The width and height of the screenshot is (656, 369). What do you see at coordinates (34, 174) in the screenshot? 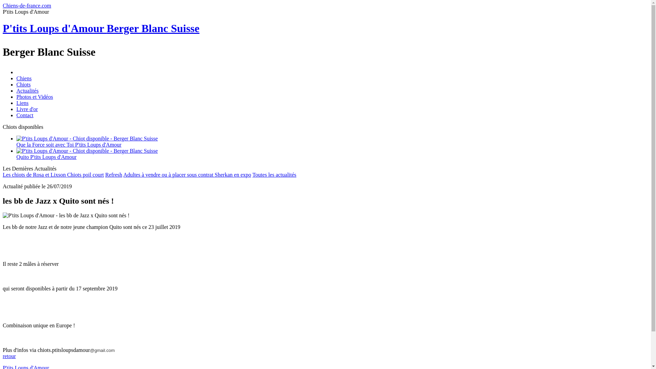
I see `'Les chiots de Rosa et Lixson'` at bounding box center [34, 174].